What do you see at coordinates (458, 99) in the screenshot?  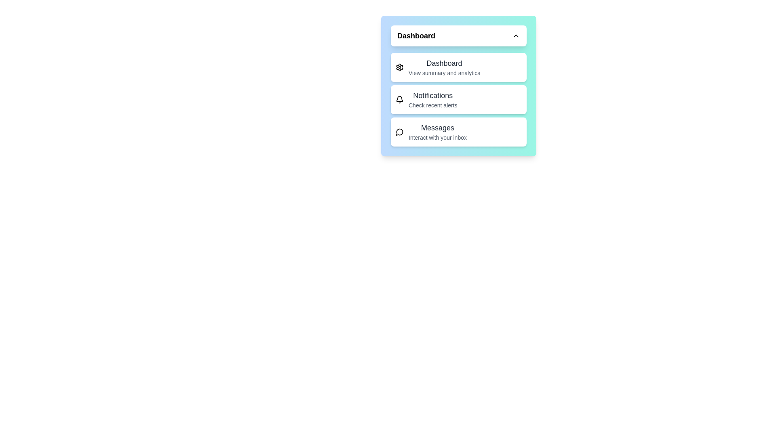 I see `the menu item Notifications by clicking on it` at bounding box center [458, 99].